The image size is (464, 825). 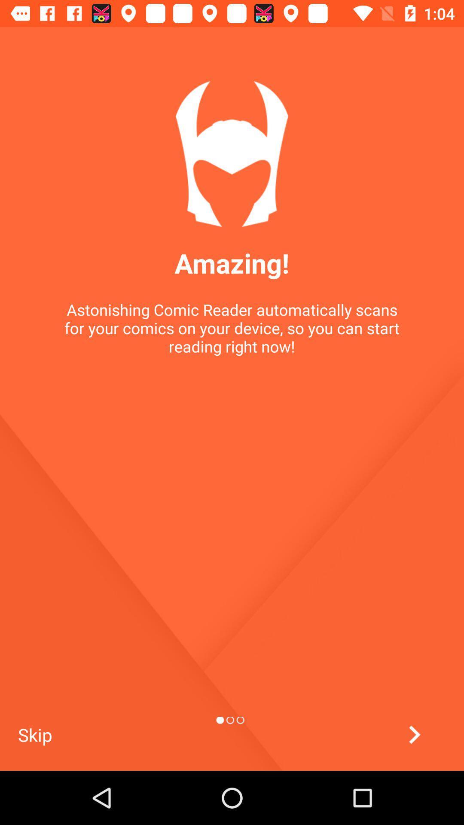 I want to click on next option, so click(x=414, y=734).